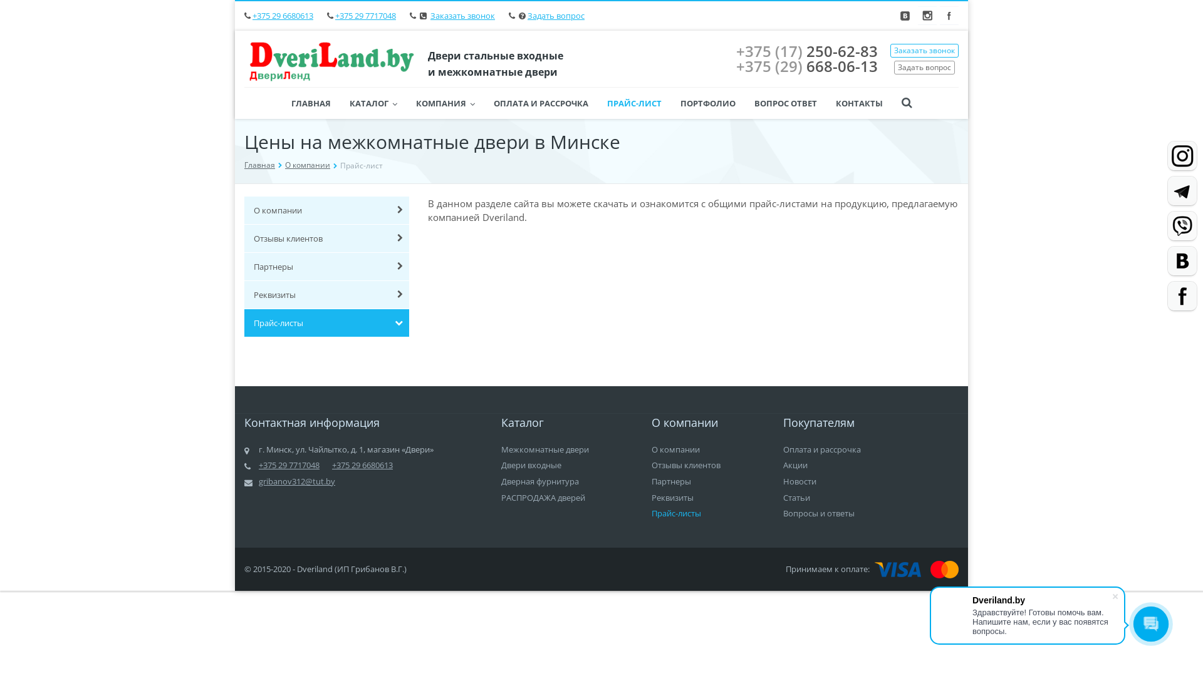 The height and width of the screenshot is (676, 1203). What do you see at coordinates (365, 15) in the screenshot?
I see `'+375 29 7717048'` at bounding box center [365, 15].